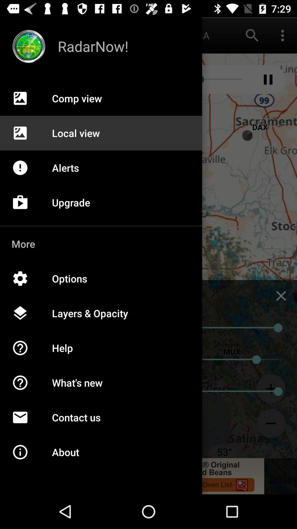 This screenshot has height=529, width=297. Describe the element at coordinates (281, 296) in the screenshot. I see `the close icon` at that location.